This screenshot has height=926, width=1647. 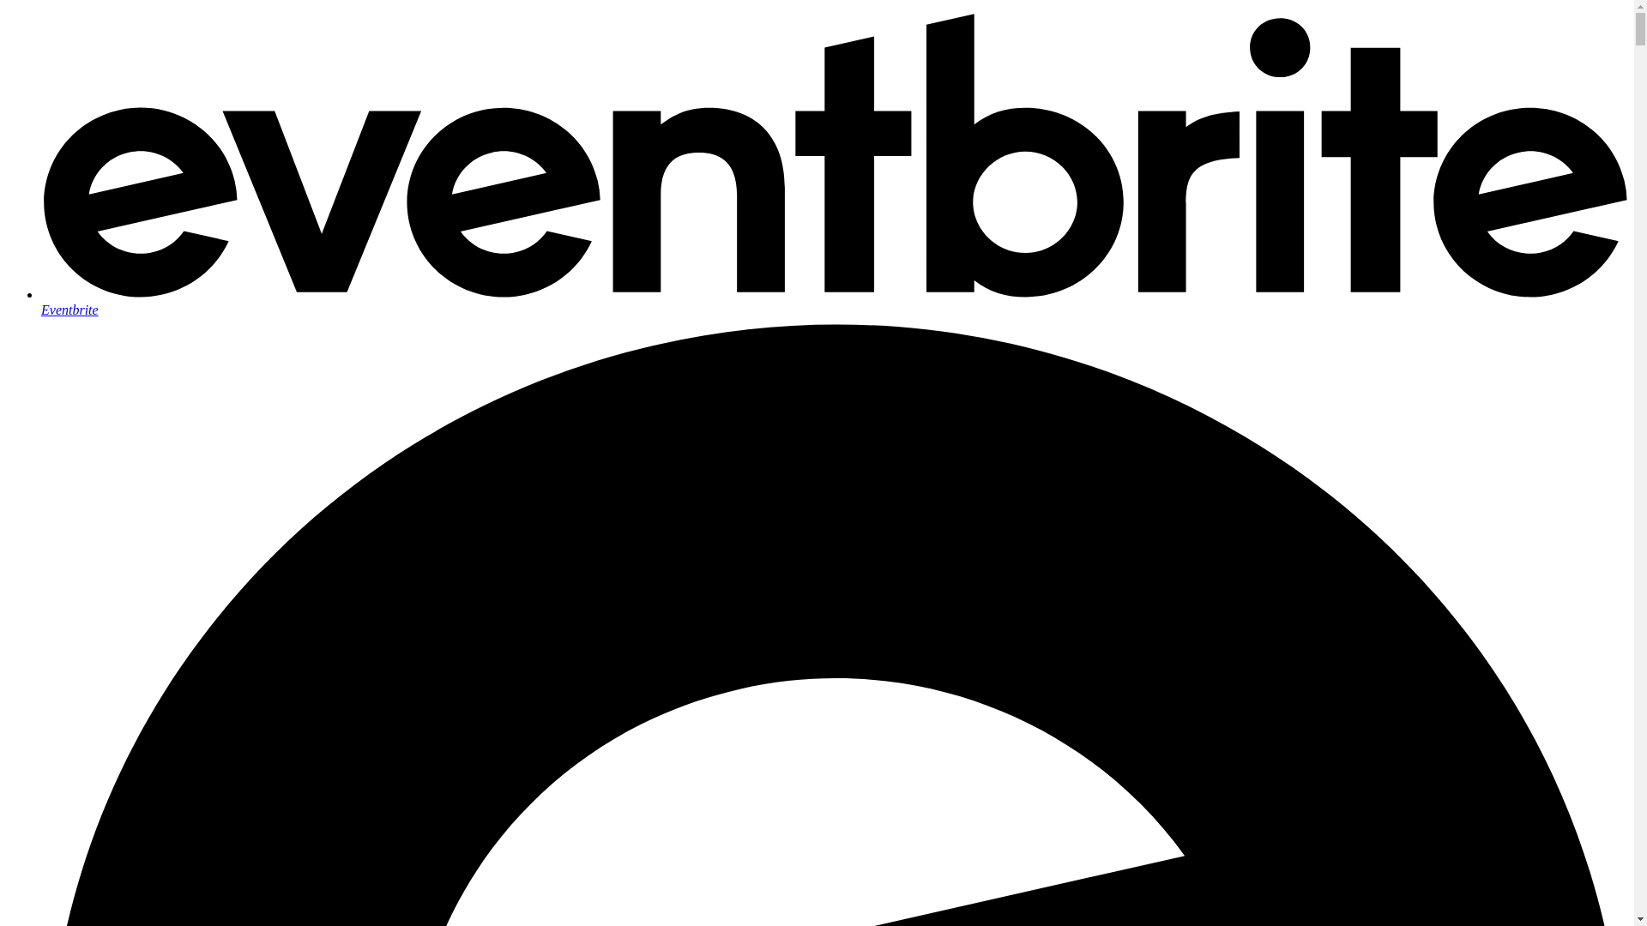 What do you see at coordinates (834, 301) in the screenshot?
I see `'Eventbrite'` at bounding box center [834, 301].